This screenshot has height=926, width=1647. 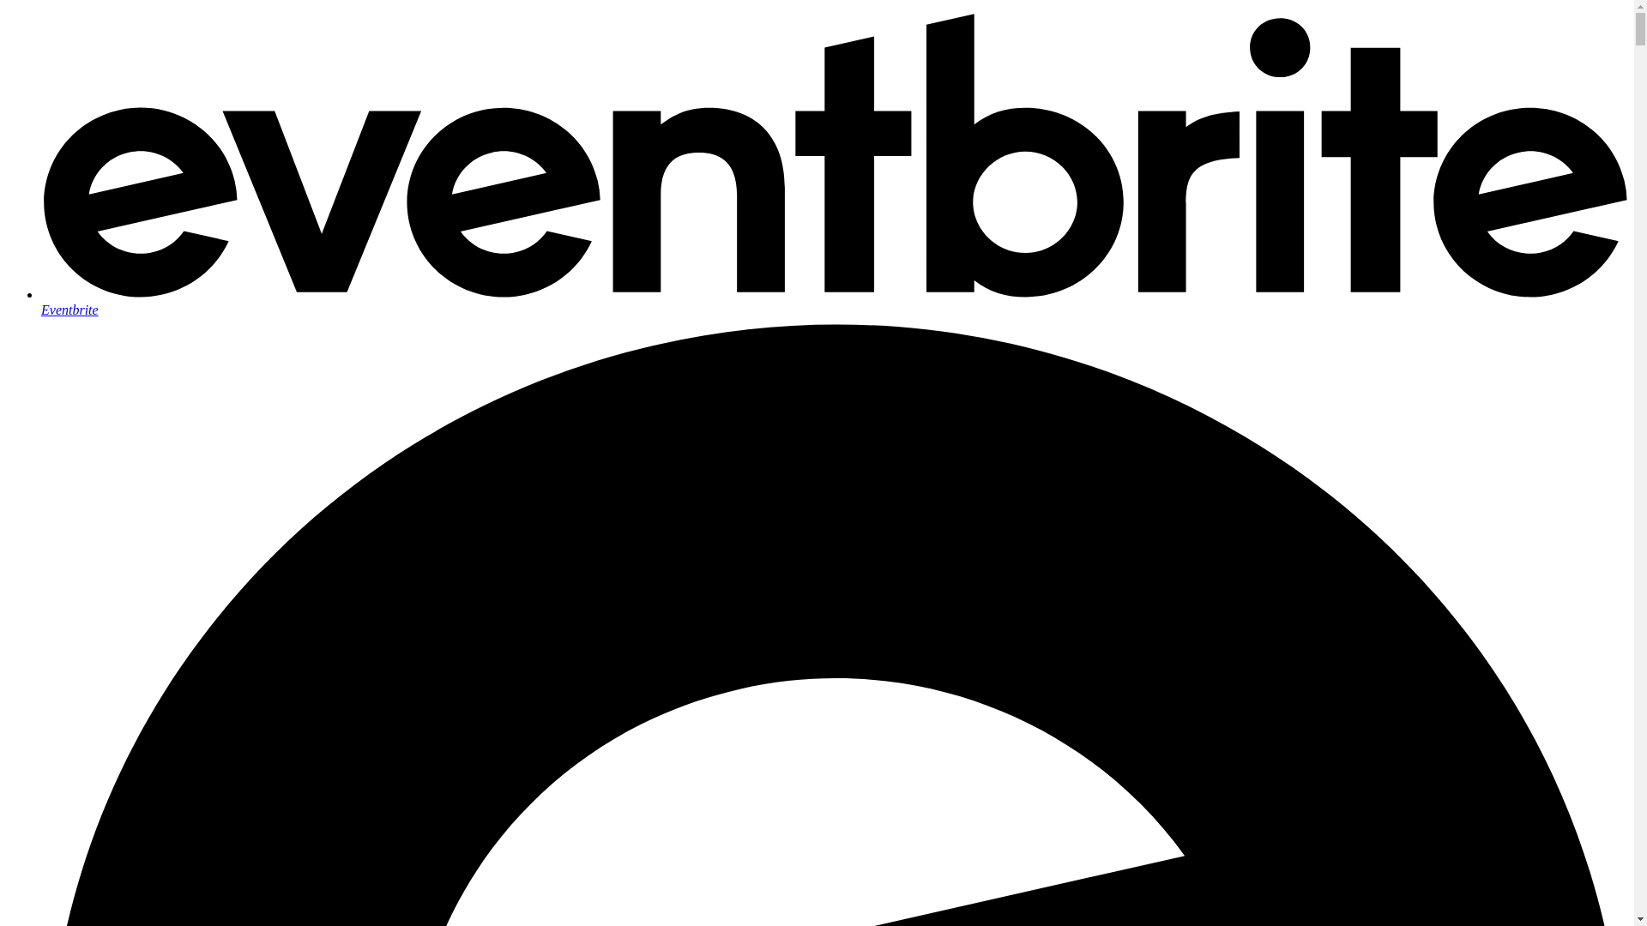 What do you see at coordinates (834, 301) in the screenshot?
I see `'Eventbrite'` at bounding box center [834, 301].